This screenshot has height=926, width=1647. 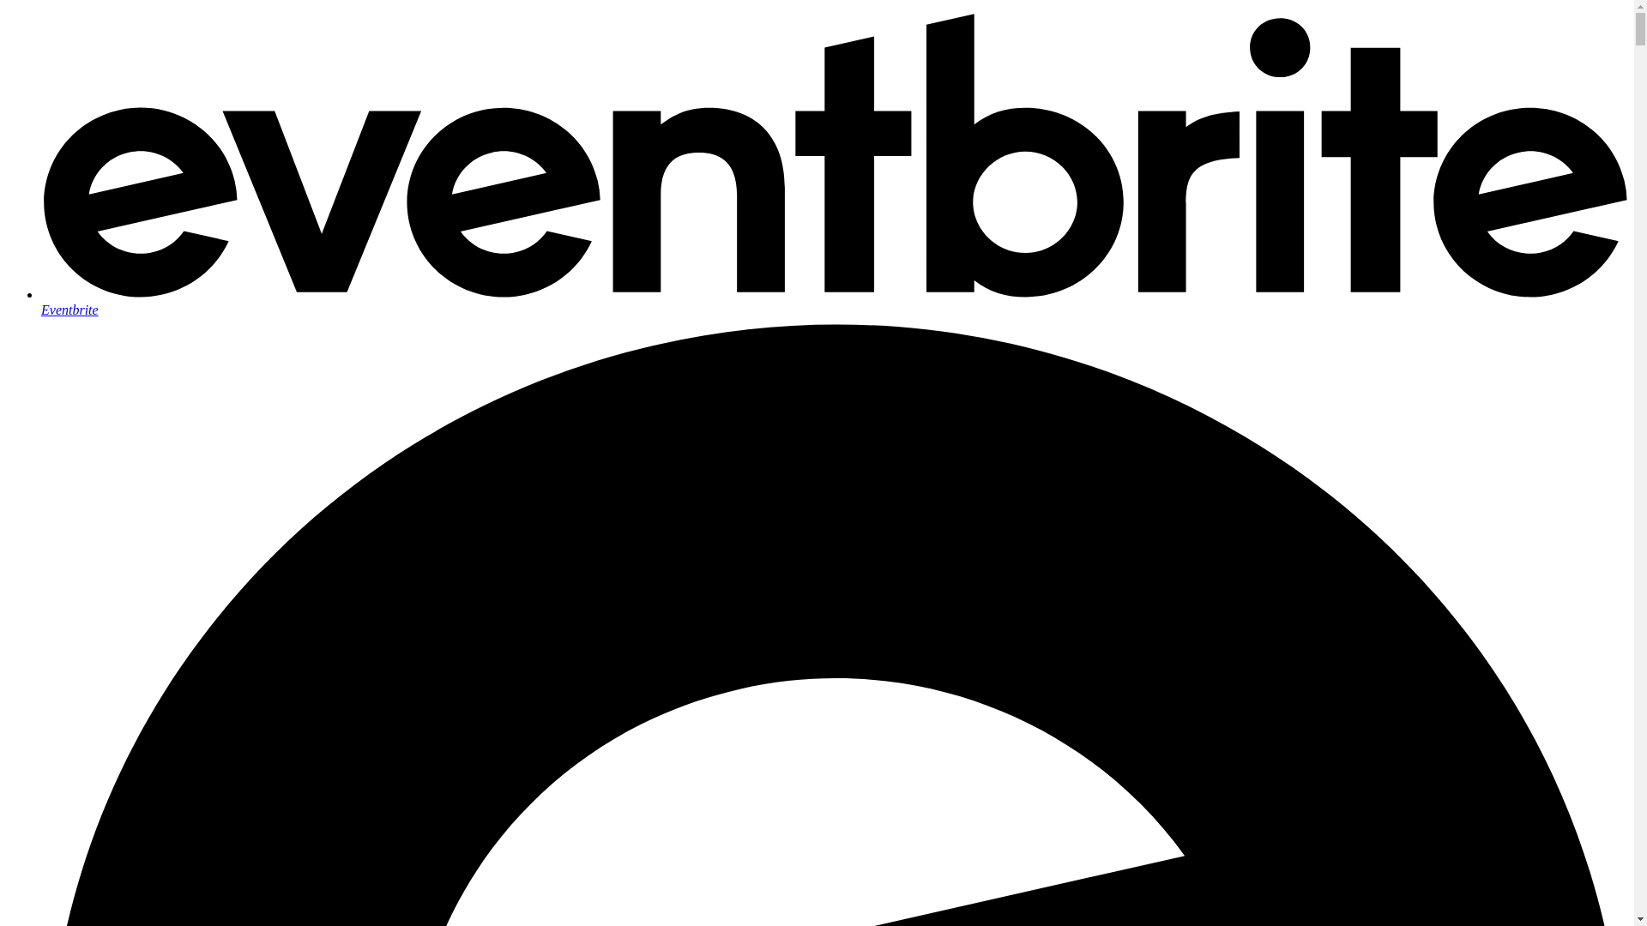 What do you see at coordinates (834, 301) in the screenshot?
I see `'Eventbrite'` at bounding box center [834, 301].